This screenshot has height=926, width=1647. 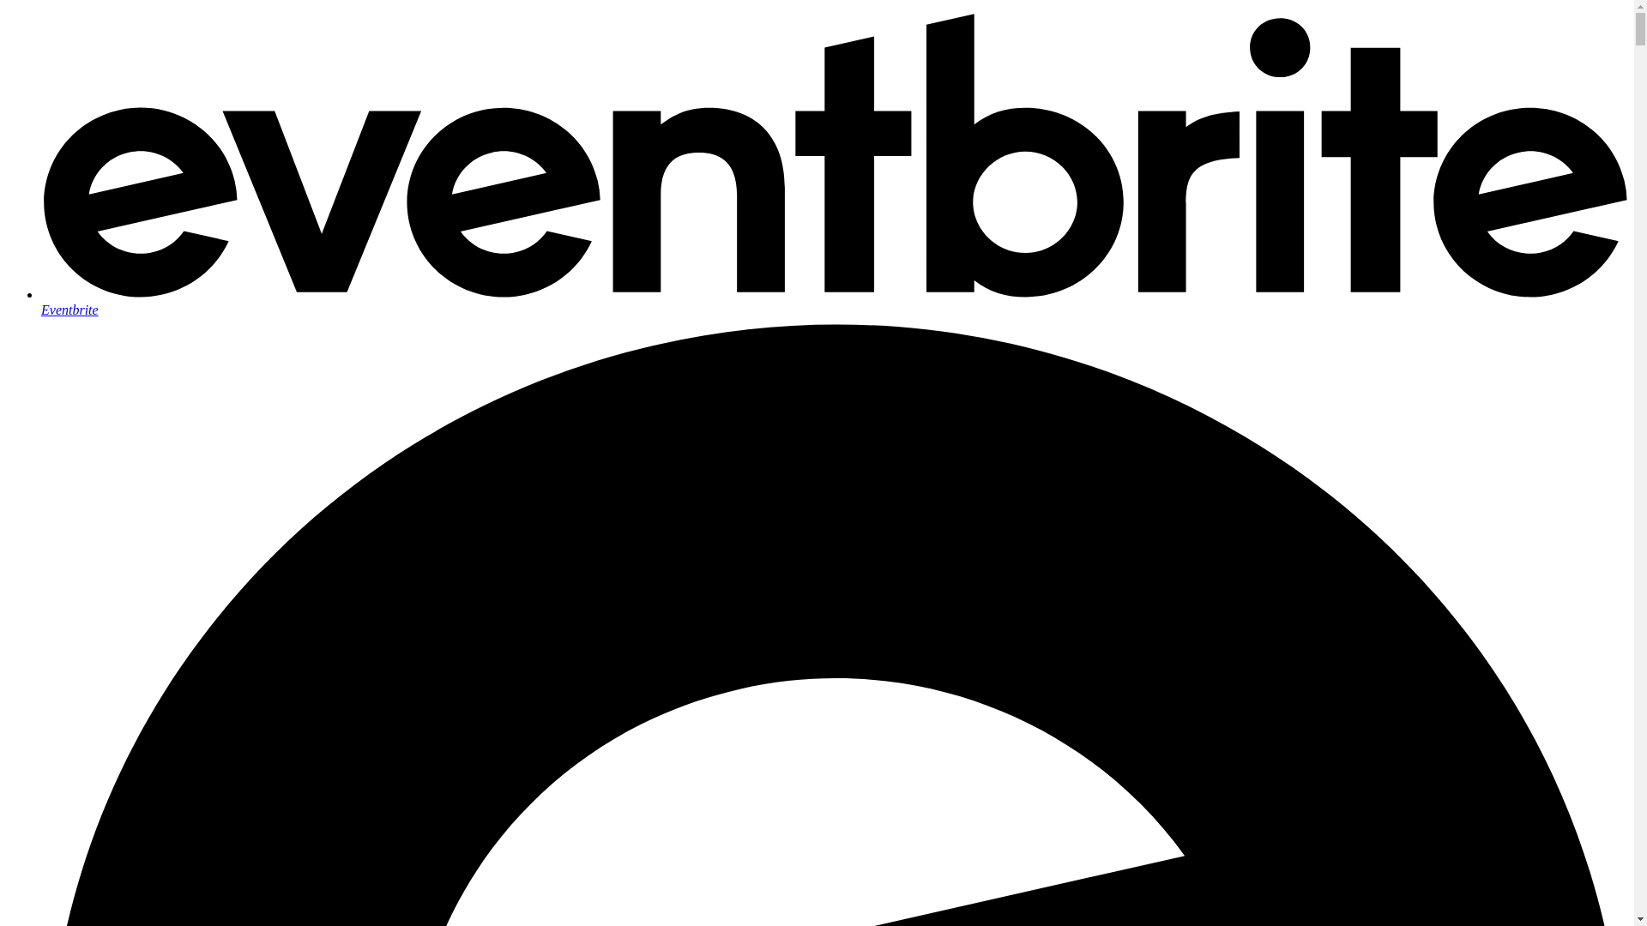 What do you see at coordinates (834, 301) in the screenshot?
I see `'Eventbrite'` at bounding box center [834, 301].